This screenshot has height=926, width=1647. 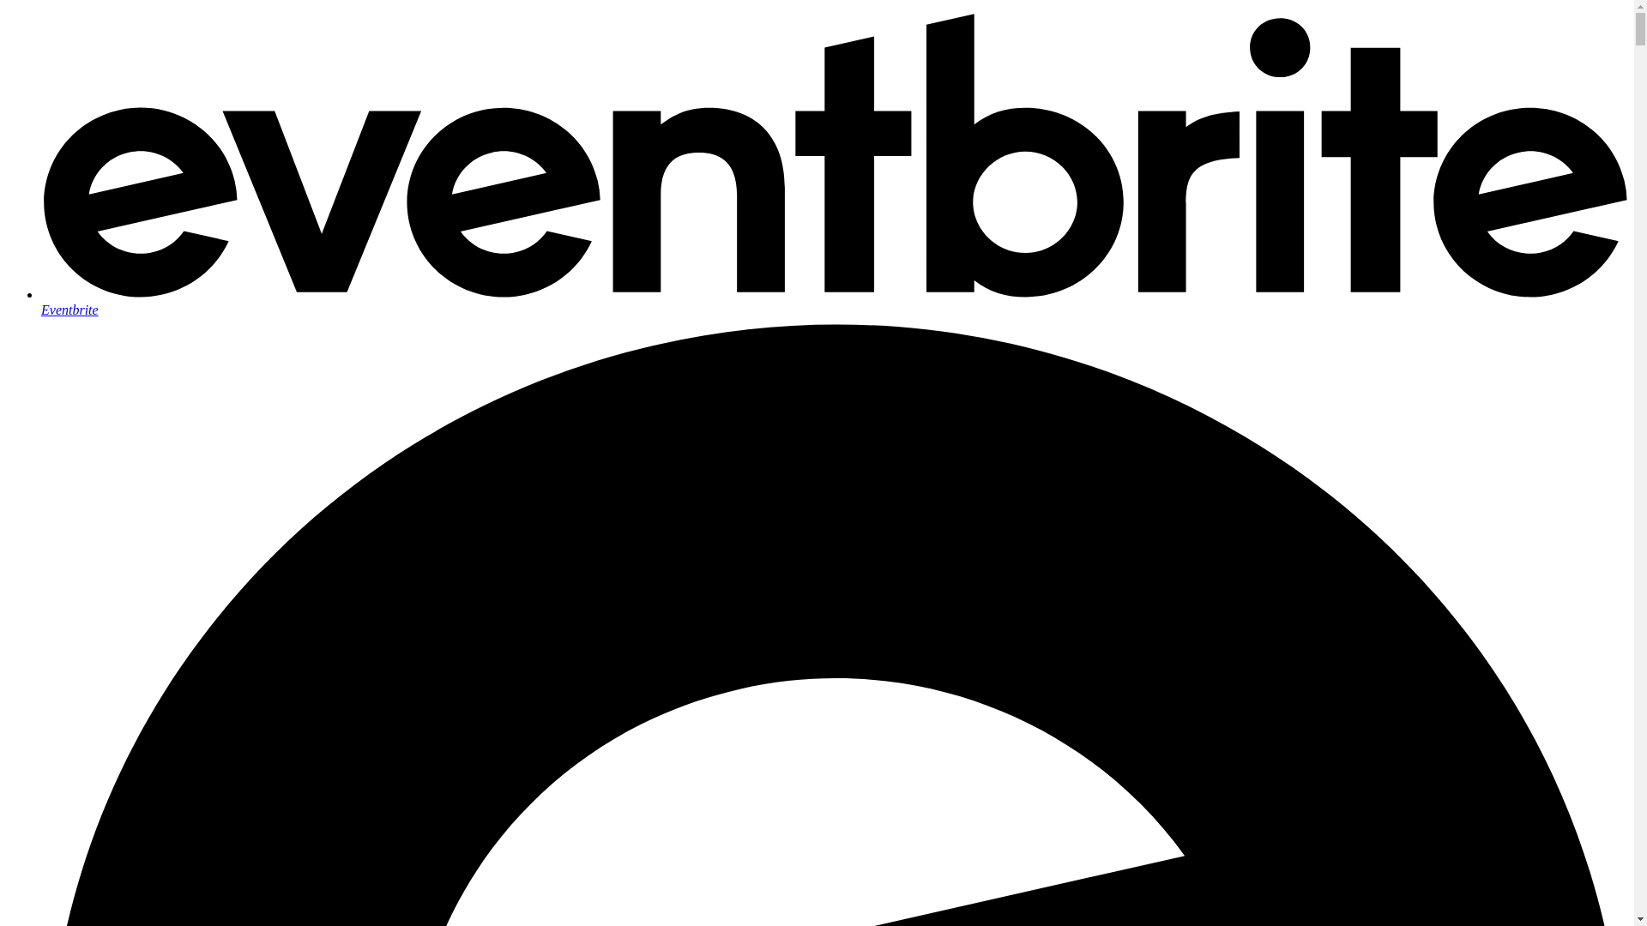 What do you see at coordinates (834, 301) in the screenshot?
I see `'Eventbrite'` at bounding box center [834, 301].